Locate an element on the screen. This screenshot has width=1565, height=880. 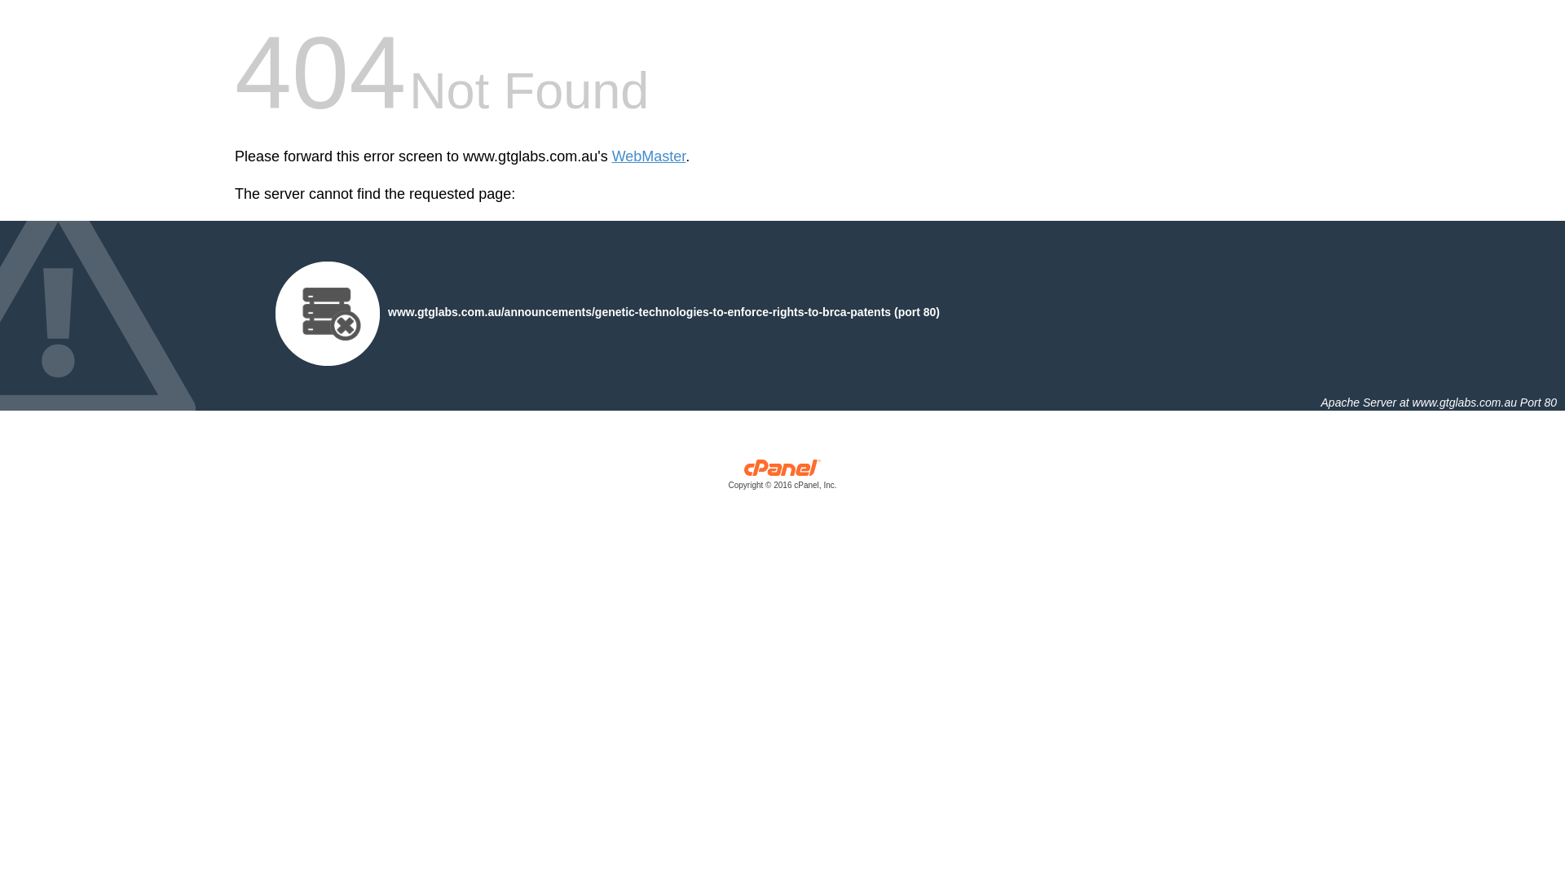
'WebMaster' is located at coordinates (648, 156).